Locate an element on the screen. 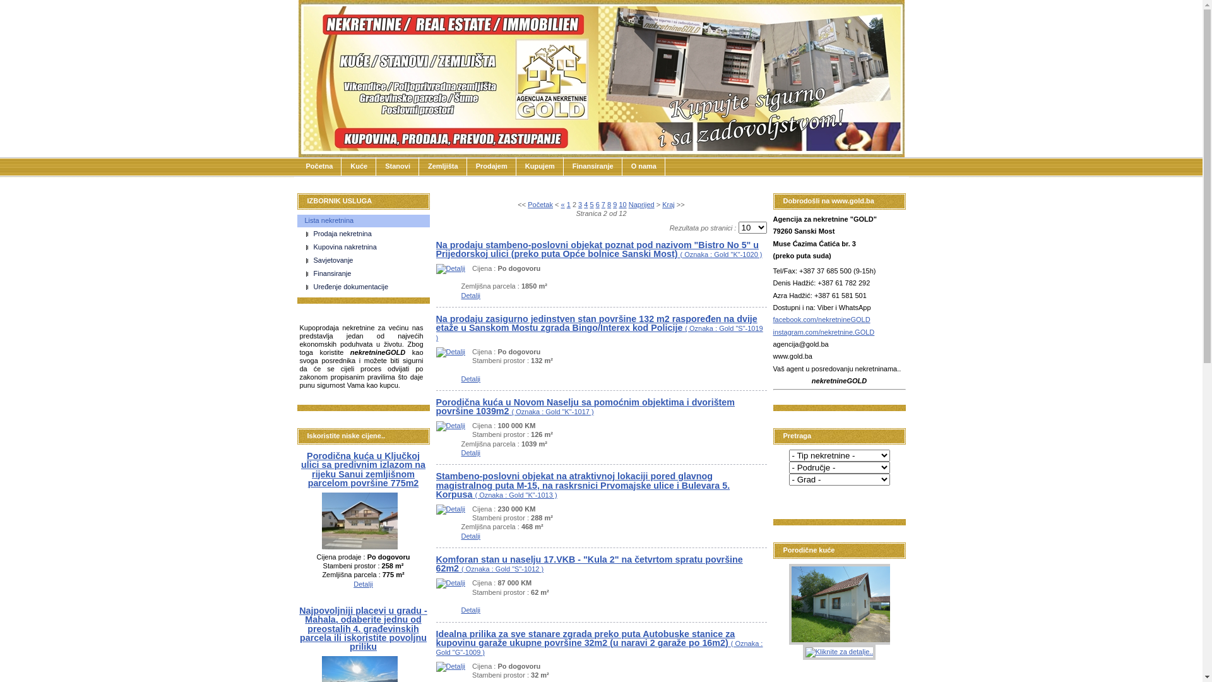  'Detalji' is located at coordinates (470, 609).